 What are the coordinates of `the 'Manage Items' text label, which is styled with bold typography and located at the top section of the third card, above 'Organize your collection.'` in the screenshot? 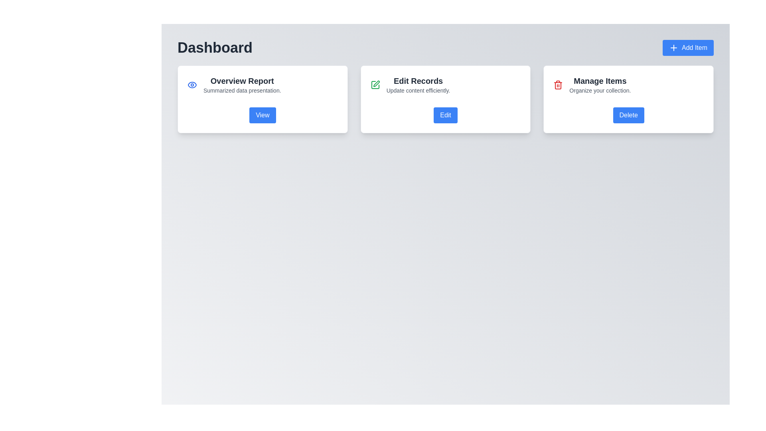 It's located at (600, 81).